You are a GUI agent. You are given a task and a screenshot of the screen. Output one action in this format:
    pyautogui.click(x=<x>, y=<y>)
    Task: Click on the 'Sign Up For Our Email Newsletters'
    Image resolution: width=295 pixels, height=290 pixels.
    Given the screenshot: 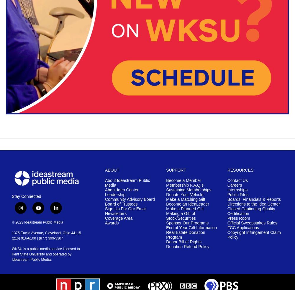 What is the action you would take?
    pyautogui.click(x=126, y=211)
    